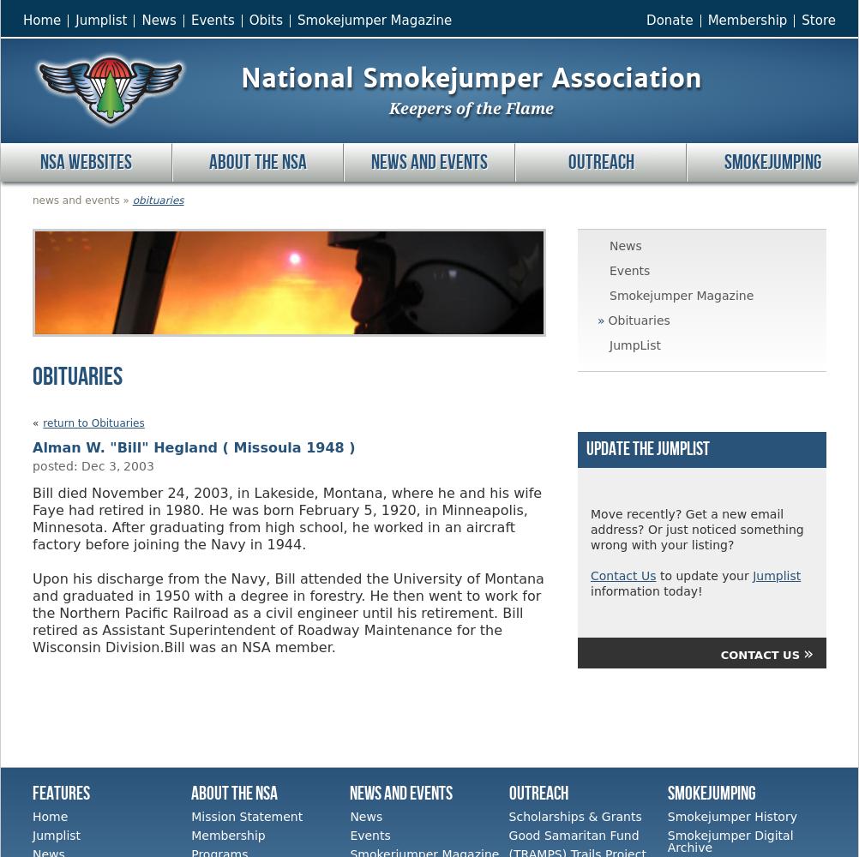 This screenshot has width=859, height=857. What do you see at coordinates (574, 835) in the screenshot?
I see `'Good Samaritan Fund'` at bounding box center [574, 835].